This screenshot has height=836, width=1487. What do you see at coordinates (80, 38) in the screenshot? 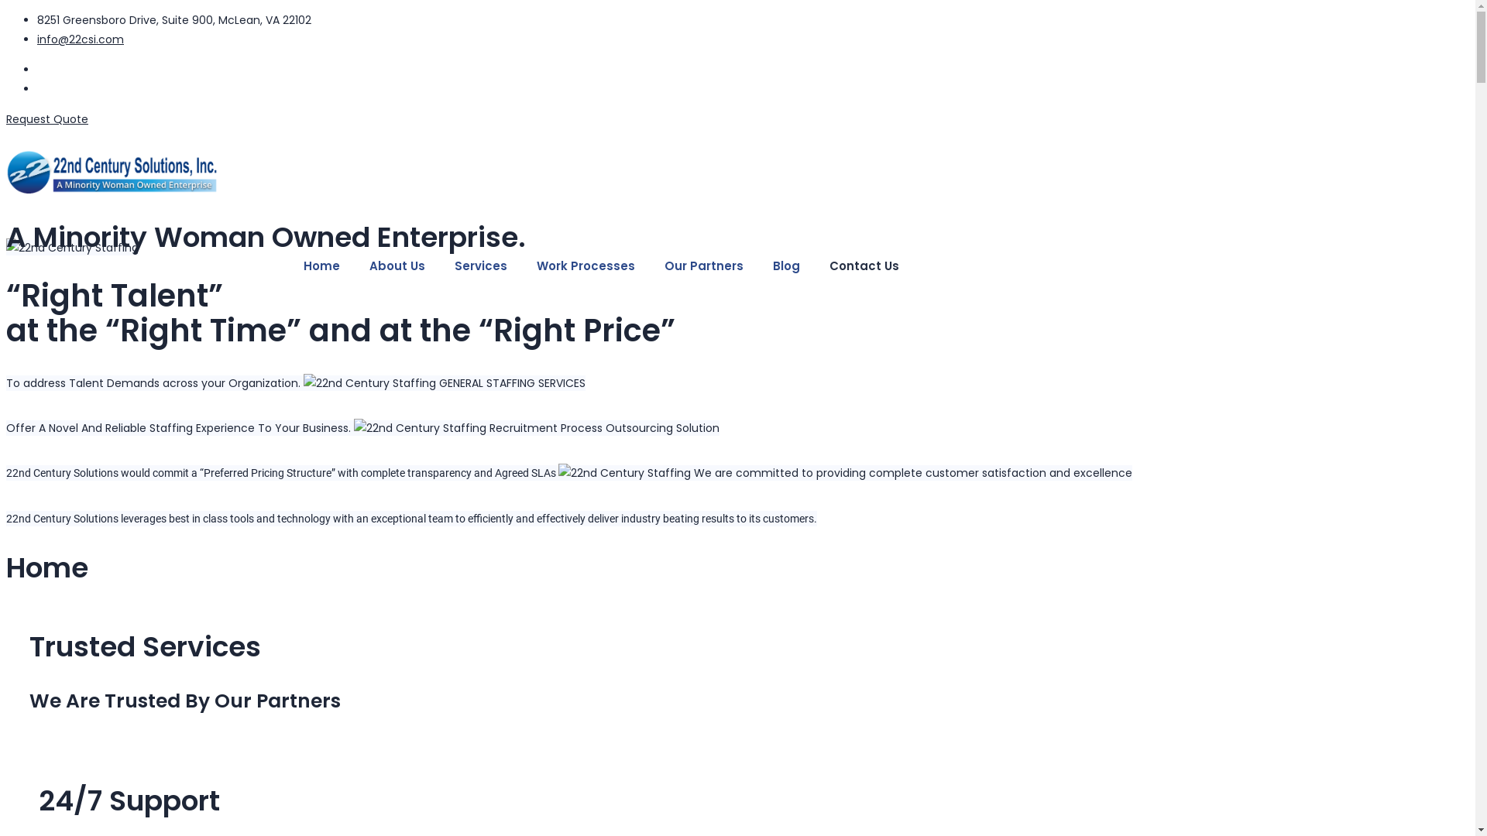
I see `'info@22csi.com'` at bounding box center [80, 38].